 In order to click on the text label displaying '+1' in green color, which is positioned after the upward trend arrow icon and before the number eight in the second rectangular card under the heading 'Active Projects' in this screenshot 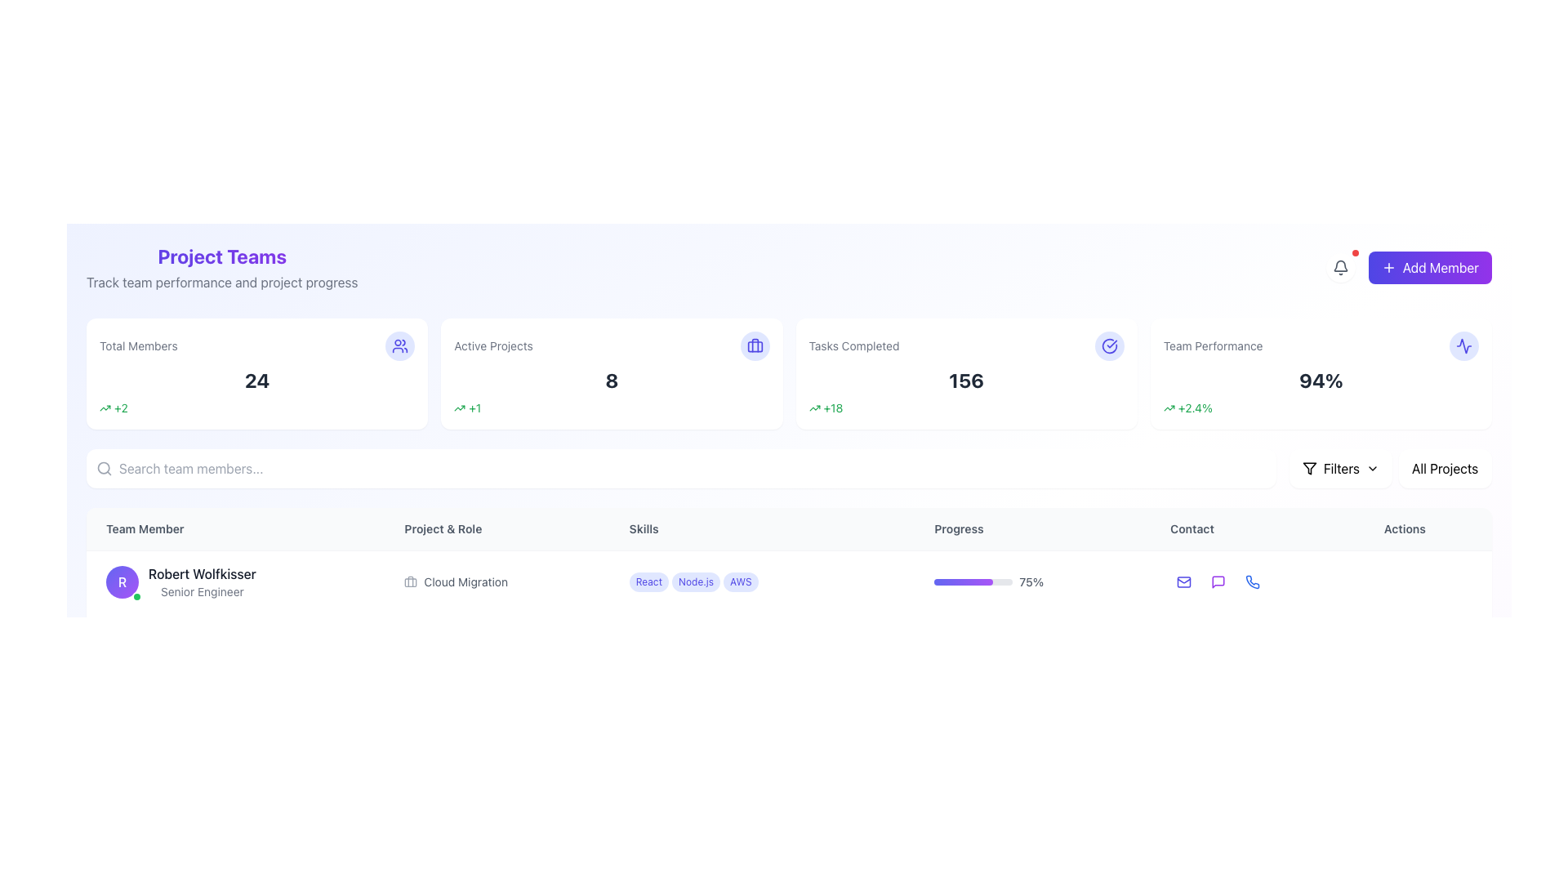, I will do `click(474, 408)`.